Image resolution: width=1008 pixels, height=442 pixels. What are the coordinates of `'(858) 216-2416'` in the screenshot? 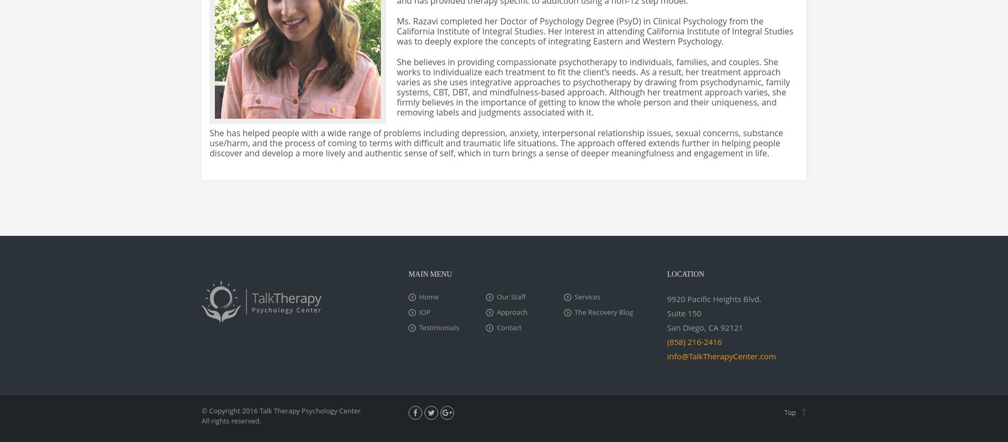 It's located at (693, 341).